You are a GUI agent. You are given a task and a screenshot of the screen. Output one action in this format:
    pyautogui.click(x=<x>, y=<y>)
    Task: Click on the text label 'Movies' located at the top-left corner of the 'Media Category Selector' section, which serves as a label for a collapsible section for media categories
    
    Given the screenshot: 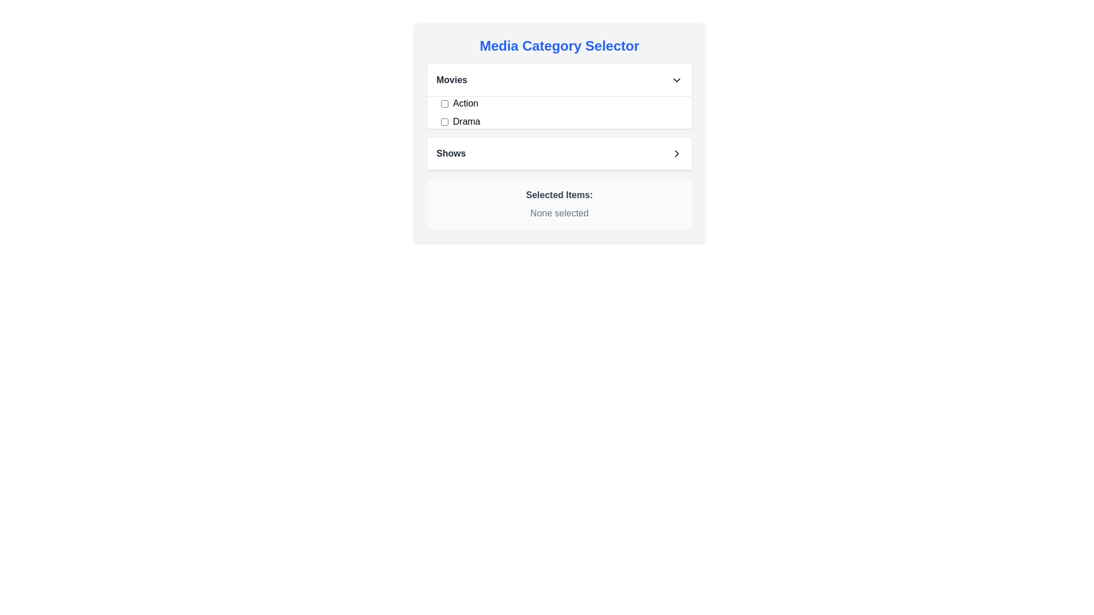 What is the action you would take?
    pyautogui.click(x=451, y=80)
    